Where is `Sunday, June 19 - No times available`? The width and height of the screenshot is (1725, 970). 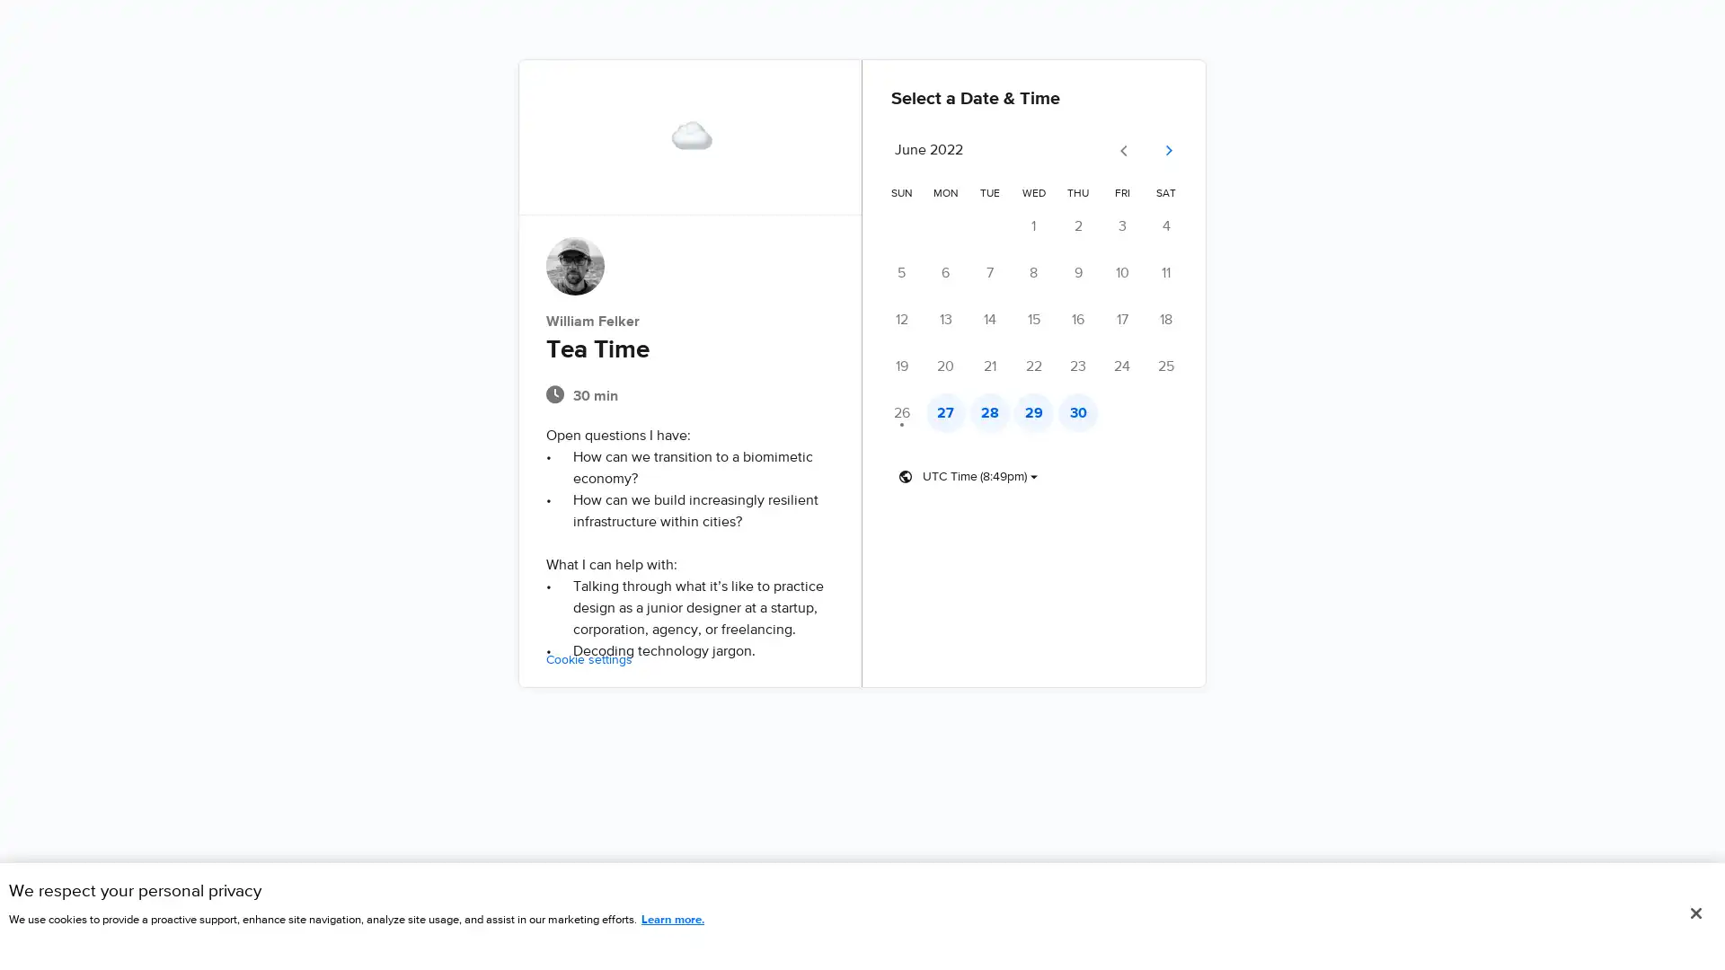
Sunday, June 19 - No times available is located at coordinates (901, 366).